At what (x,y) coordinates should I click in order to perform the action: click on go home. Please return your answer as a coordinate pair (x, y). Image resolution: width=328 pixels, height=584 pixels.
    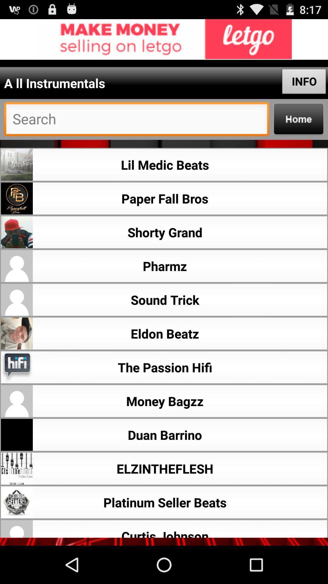
    Looking at the image, I should click on (298, 119).